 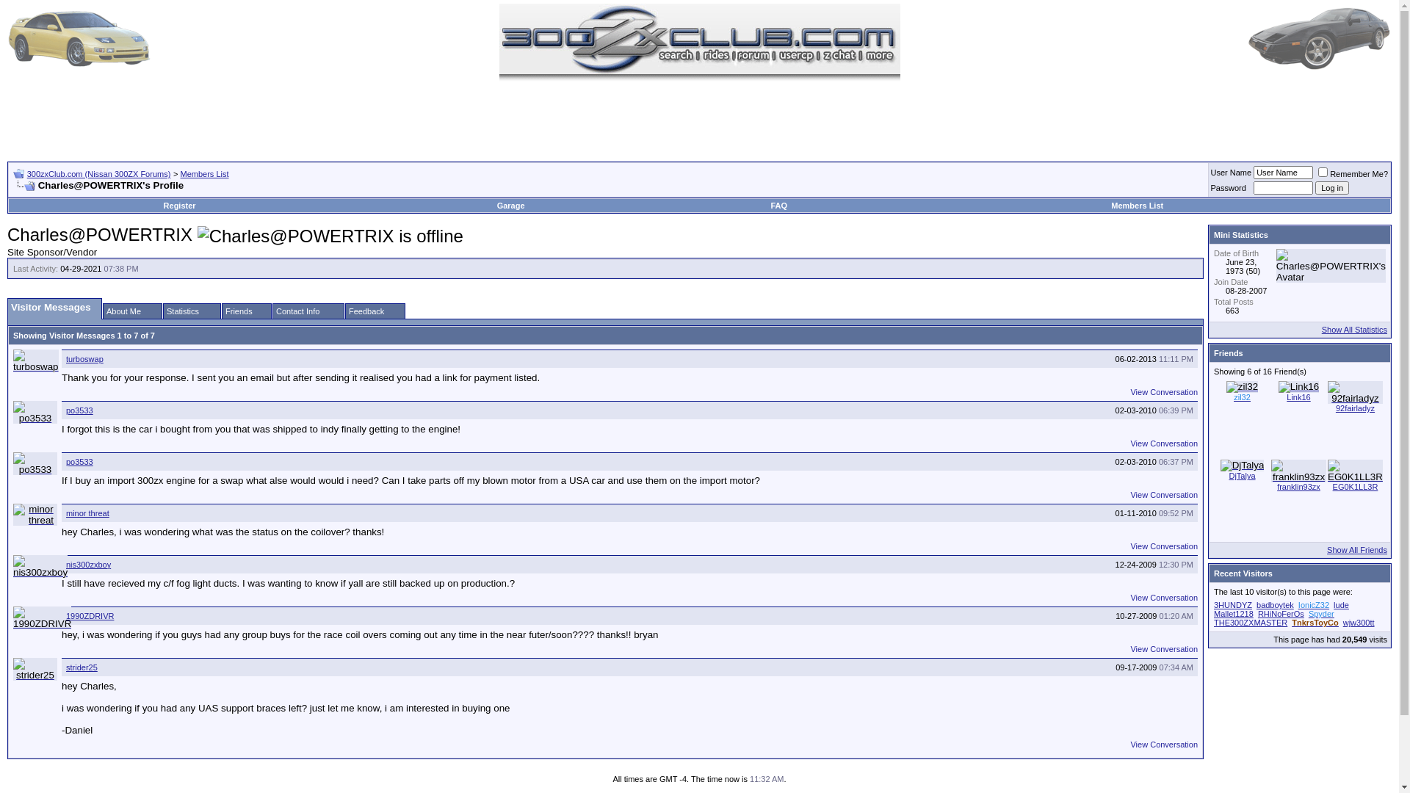 What do you see at coordinates (1322, 328) in the screenshot?
I see `'Show All Statistics'` at bounding box center [1322, 328].